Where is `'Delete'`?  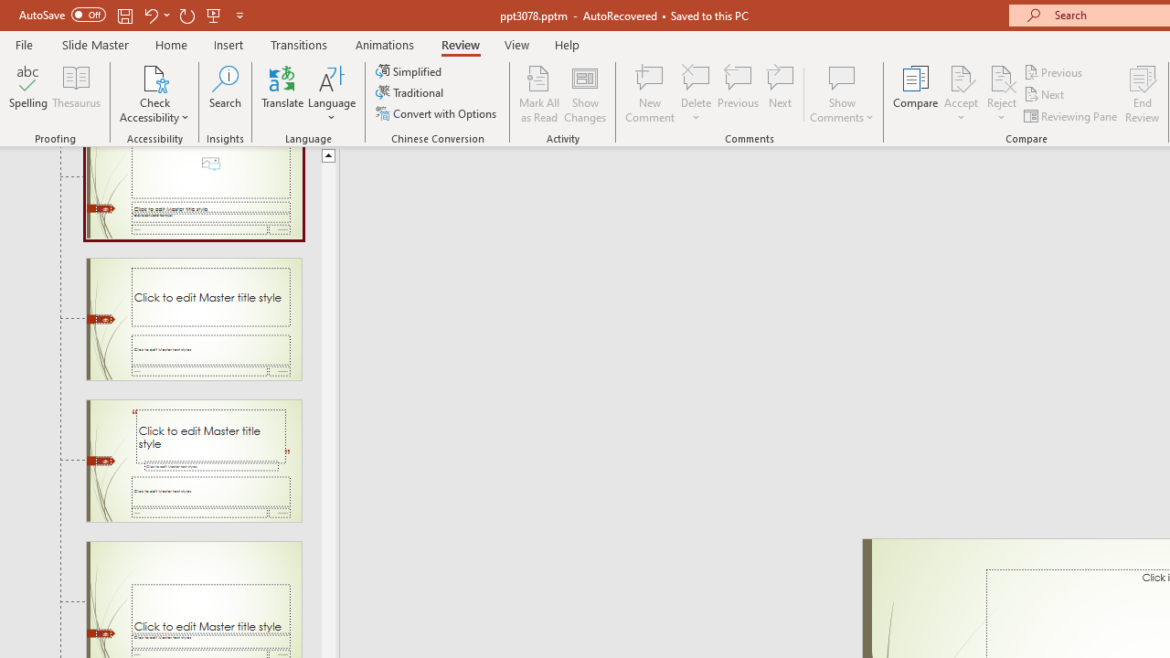 'Delete' is located at coordinates (696, 94).